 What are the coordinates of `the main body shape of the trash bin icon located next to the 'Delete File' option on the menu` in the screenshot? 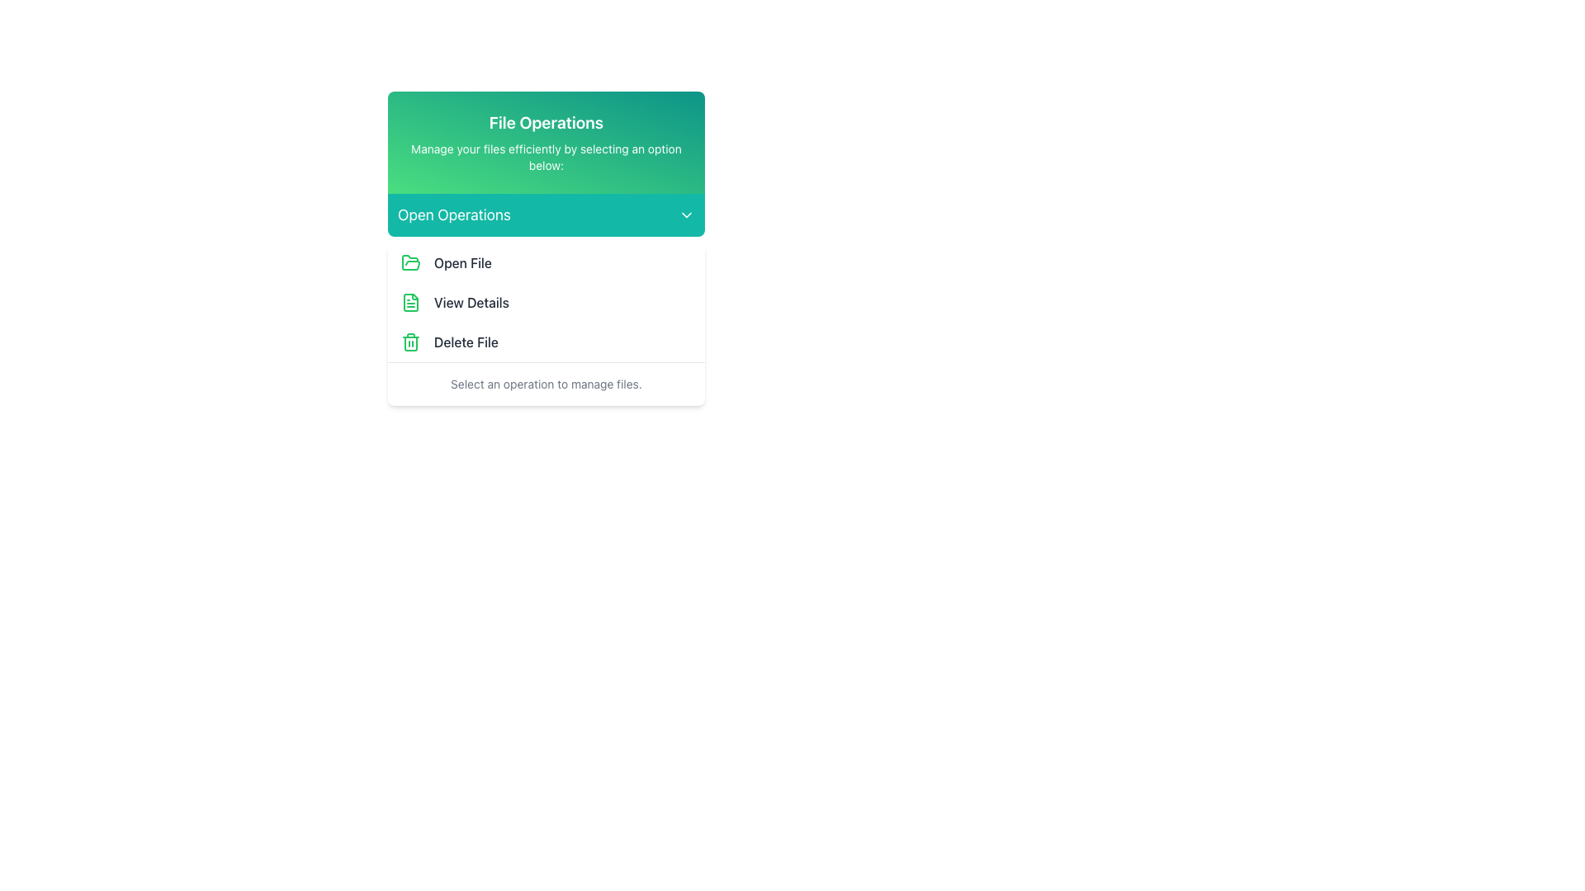 It's located at (411, 342).